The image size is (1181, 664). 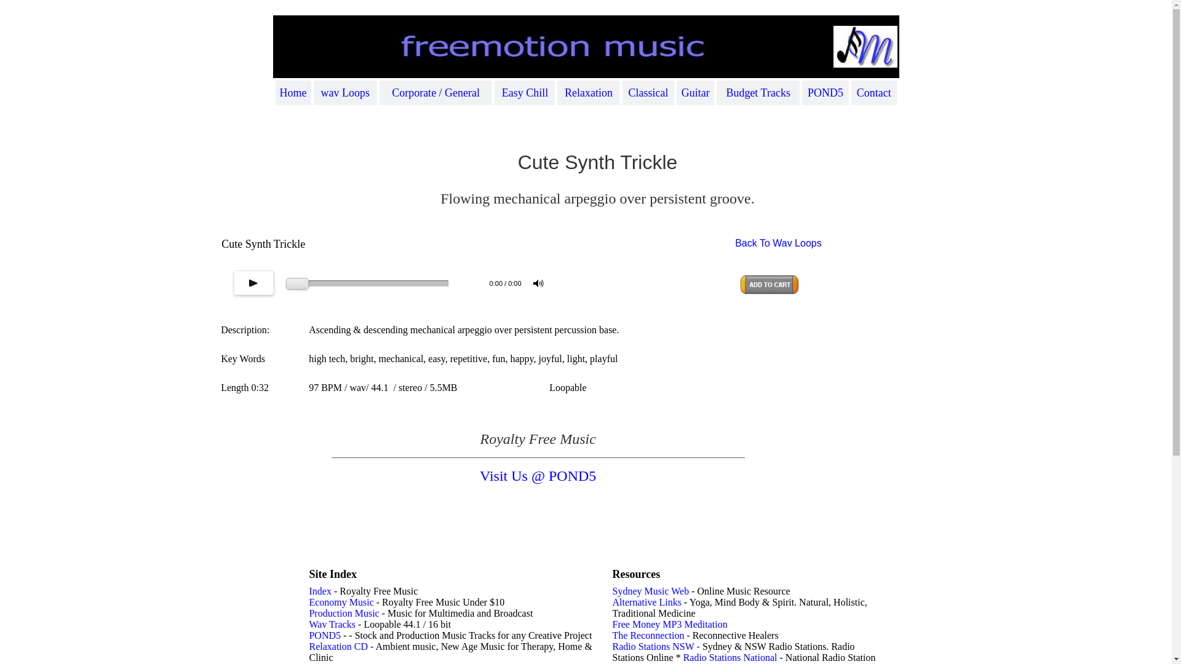 I want to click on 'Sydney Music Web', so click(x=650, y=590).